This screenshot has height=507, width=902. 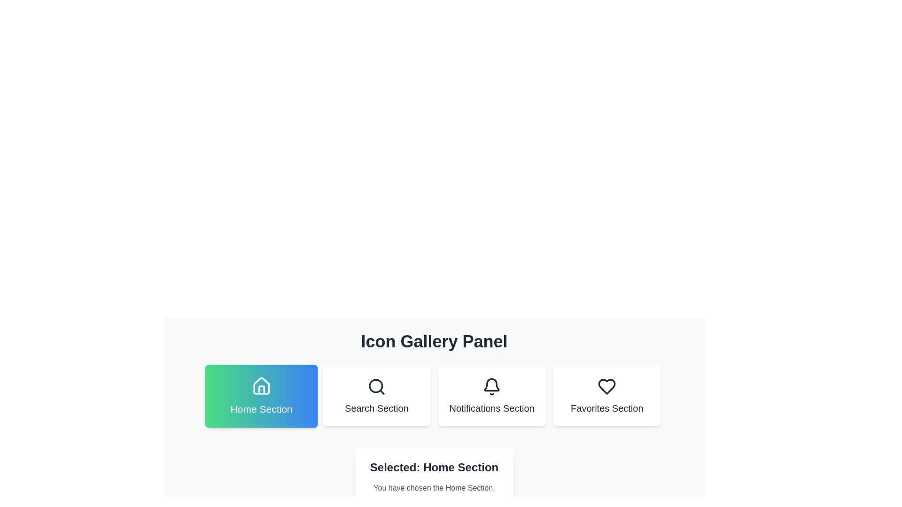 I want to click on the Notifications text label, which provides clarity about the corresponding feature, located in the lower central portion of the interface, so click(x=491, y=408).